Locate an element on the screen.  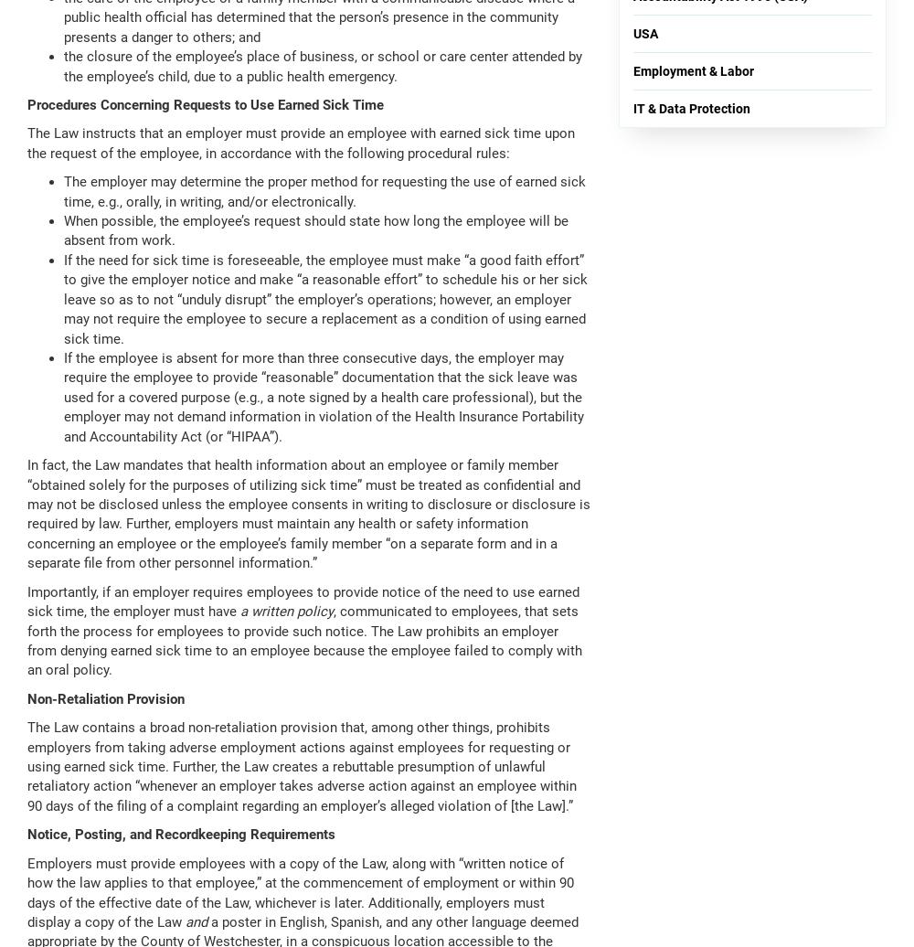
'If the employee is absent for more than three consecutive days, the employer may require the employee to provide “reasonable” documentation that the sick leave was used for a covered purpose (e.g., a note signed by a health care professional), but the employer may not demand information in violation of the Health Insurance Portability and Accountability Act (or “HIPAA”).' is located at coordinates (63, 397).